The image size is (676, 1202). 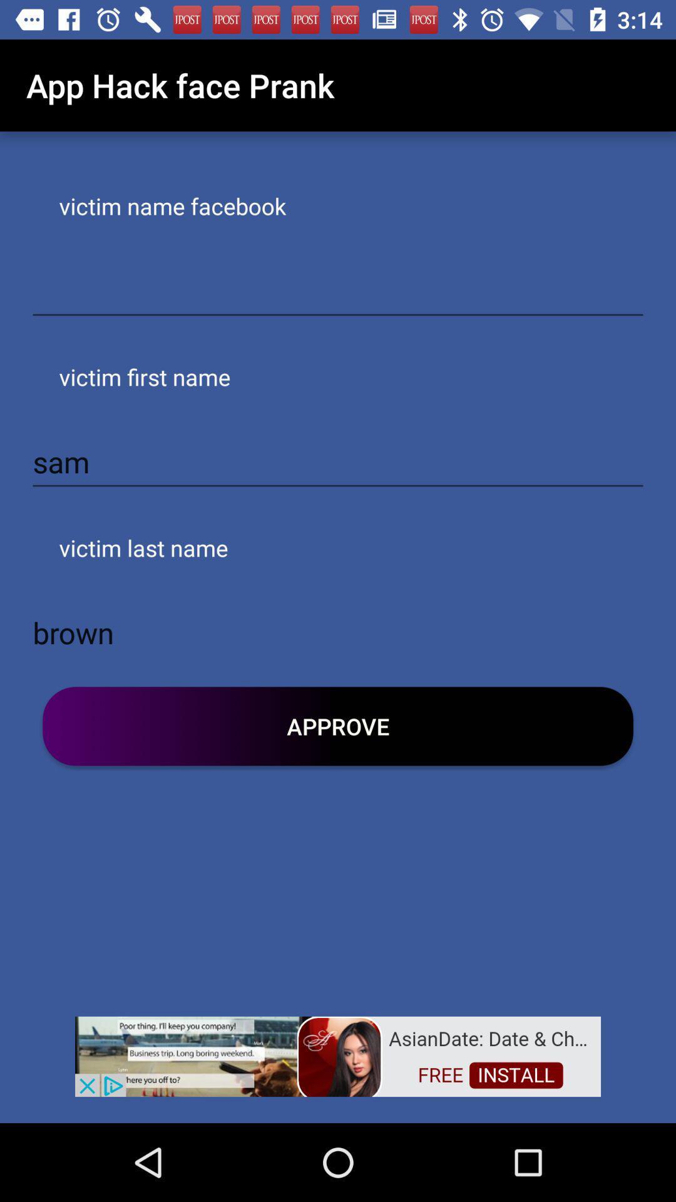 What do you see at coordinates (338, 290) in the screenshot?
I see `persons name` at bounding box center [338, 290].